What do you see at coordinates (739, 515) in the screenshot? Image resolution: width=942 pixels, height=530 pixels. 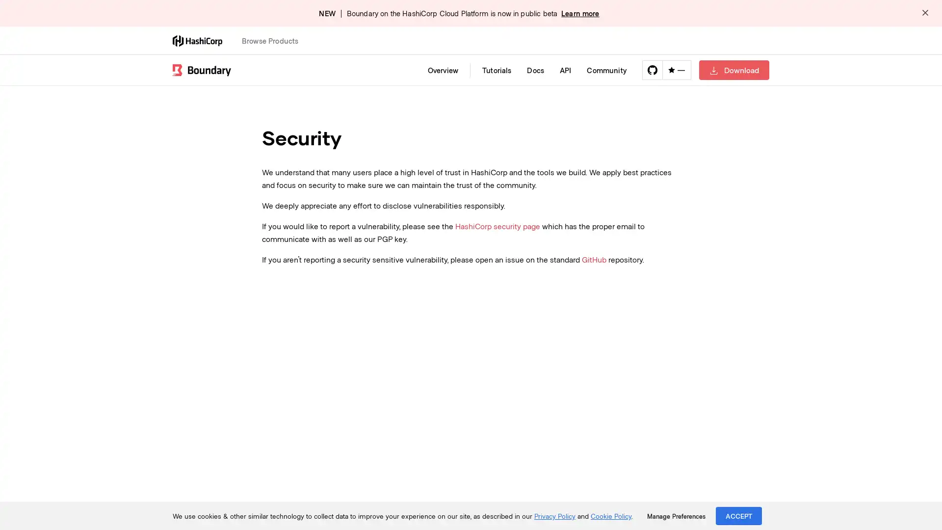 I see `ACCEPT` at bounding box center [739, 515].